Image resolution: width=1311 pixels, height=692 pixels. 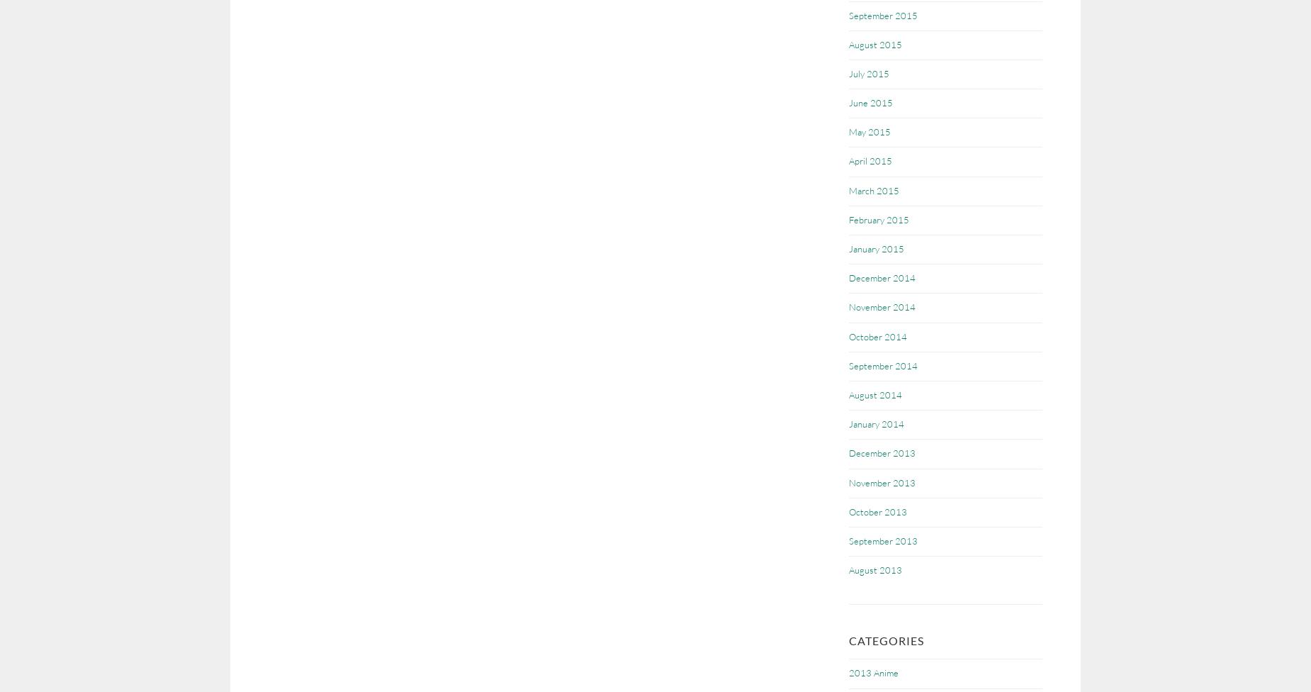 I want to click on 'April 2015', so click(x=870, y=160).